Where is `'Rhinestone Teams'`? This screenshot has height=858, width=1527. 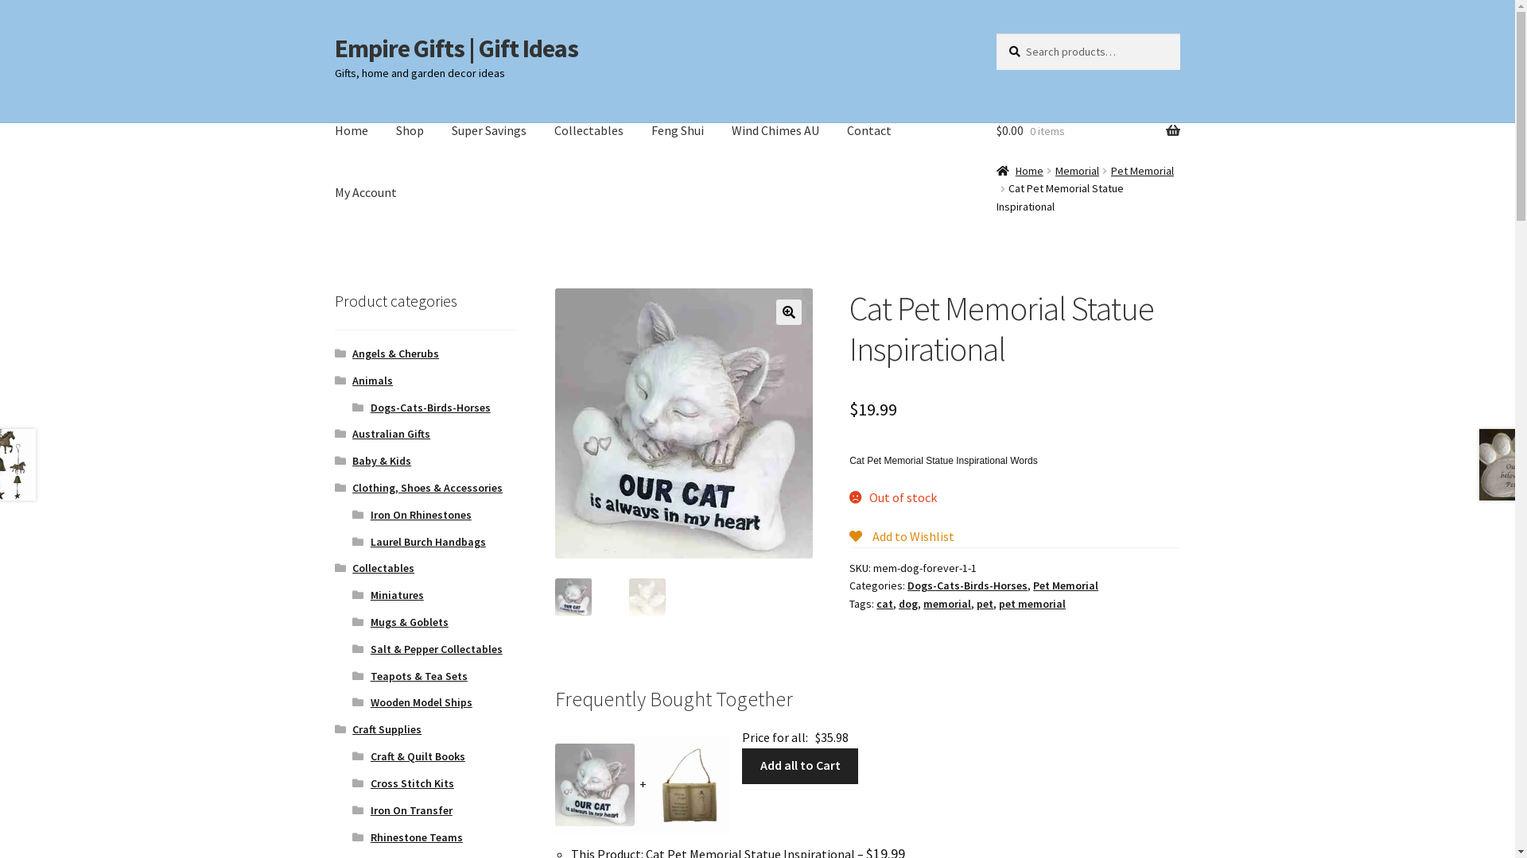
'Rhinestone Teams' is located at coordinates (416, 836).